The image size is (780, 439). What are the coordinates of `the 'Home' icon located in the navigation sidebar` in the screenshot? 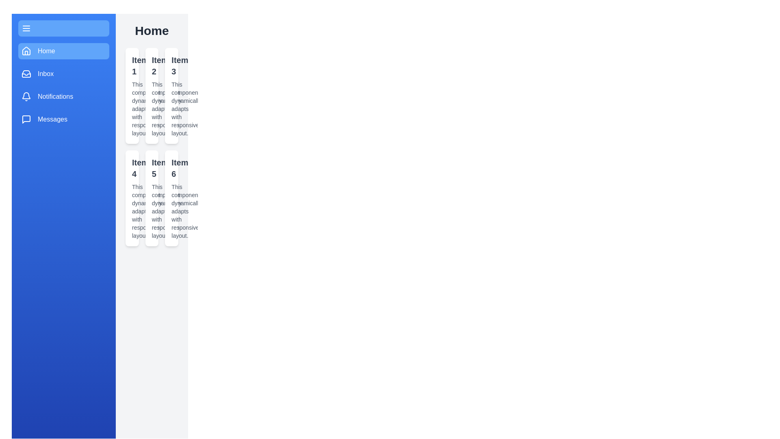 It's located at (26, 50).